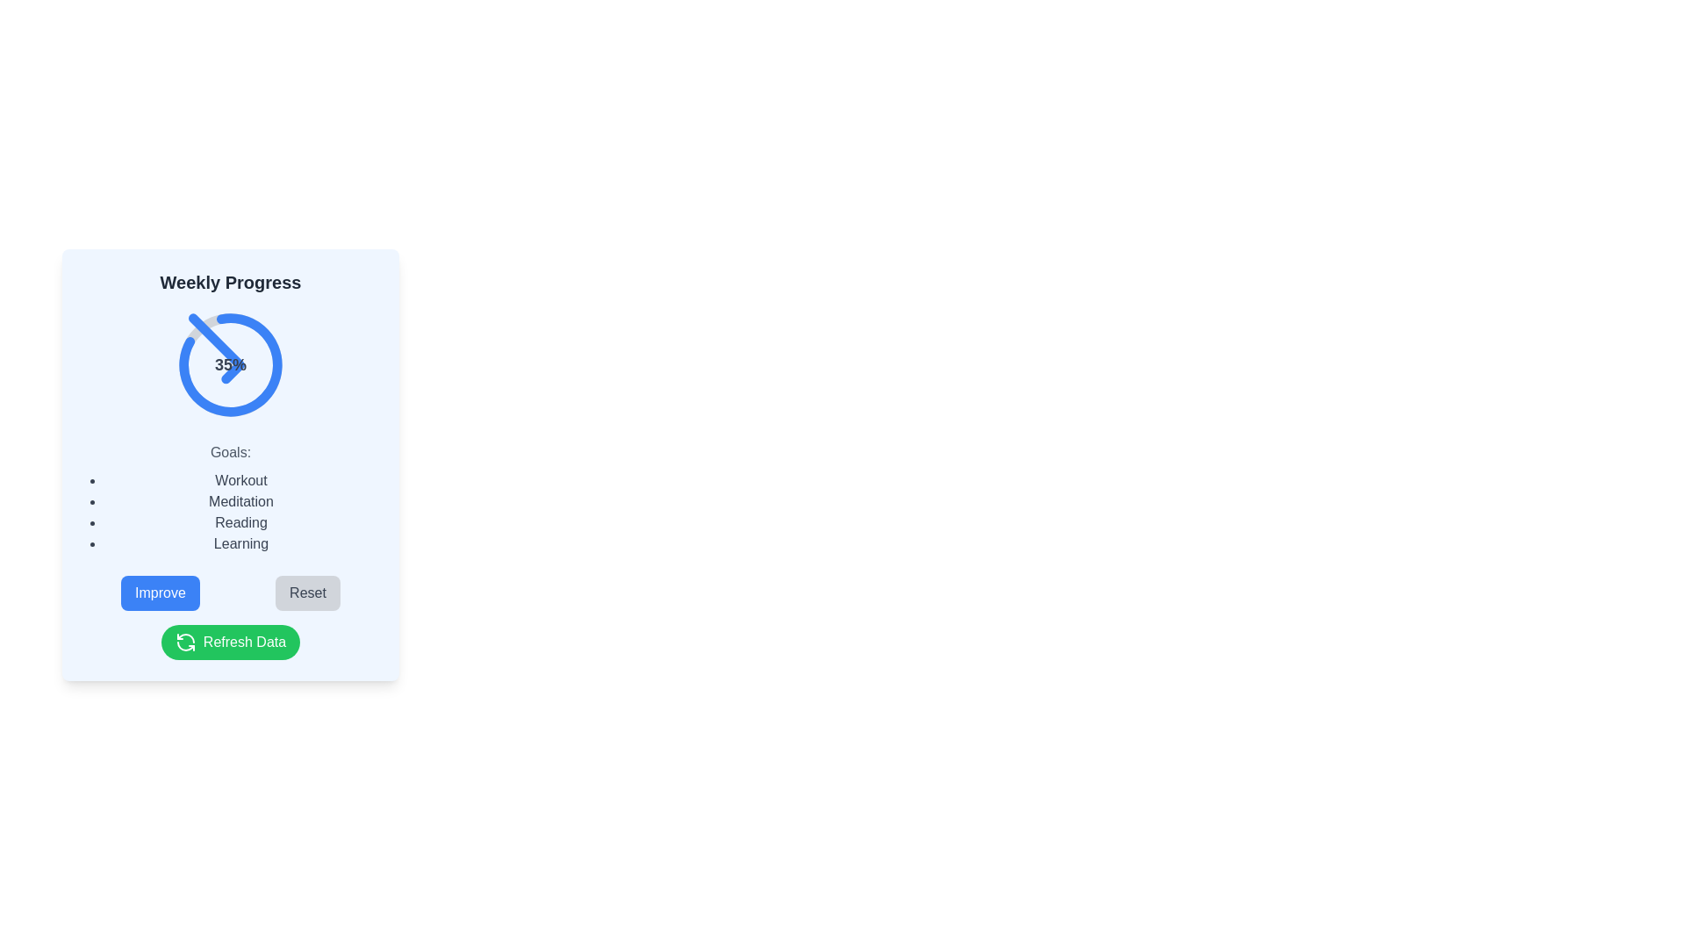 The width and height of the screenshot is (1685, 948). What do you see at coordinates (185, 643) in the screenshot?
I see `the leading icon inside the 'Refresh Data' button, which is part of a green, rounded button at the bottom of the interface` at bounding box center [185, 643].